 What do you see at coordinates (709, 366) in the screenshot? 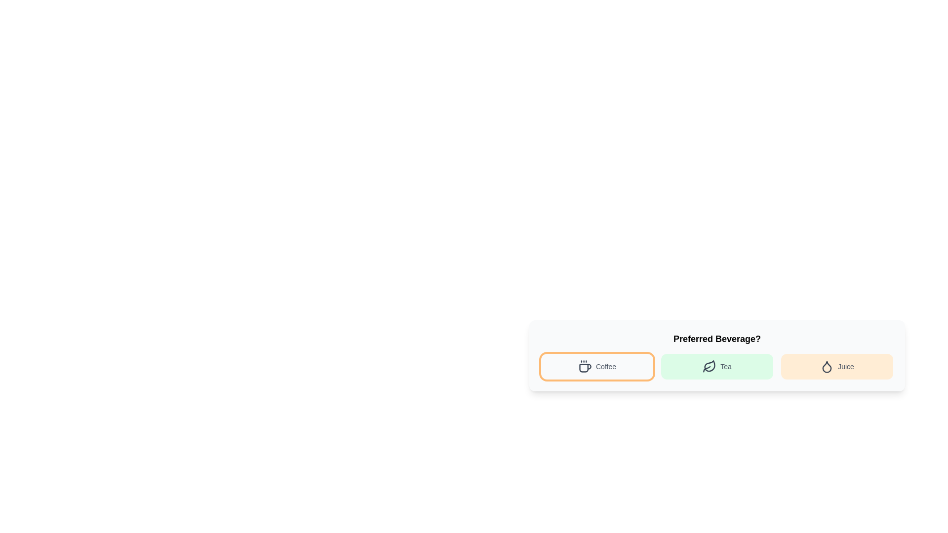
I see `the leaf icon located in the 'Tea' button of the 'Preferred Beverage?' selection bar, which is visually represented by a dark gray leaf shape` at bounding box center [709, 366].